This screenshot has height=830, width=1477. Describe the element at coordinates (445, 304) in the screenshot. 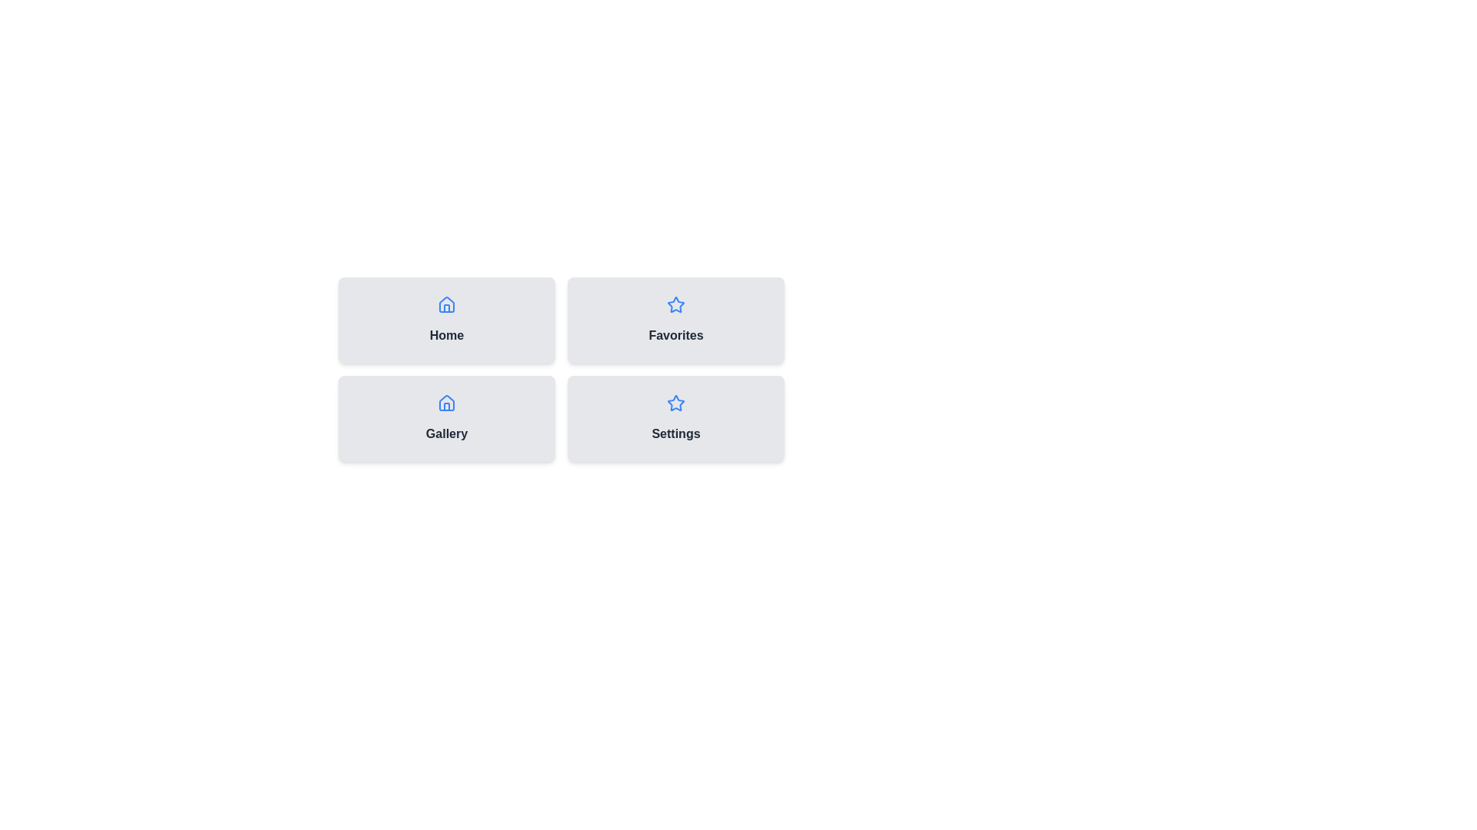

I see `the 'Home' icon located in the upper-left corner of the button grid, which symbolizes the 'Home' concept` at that location.